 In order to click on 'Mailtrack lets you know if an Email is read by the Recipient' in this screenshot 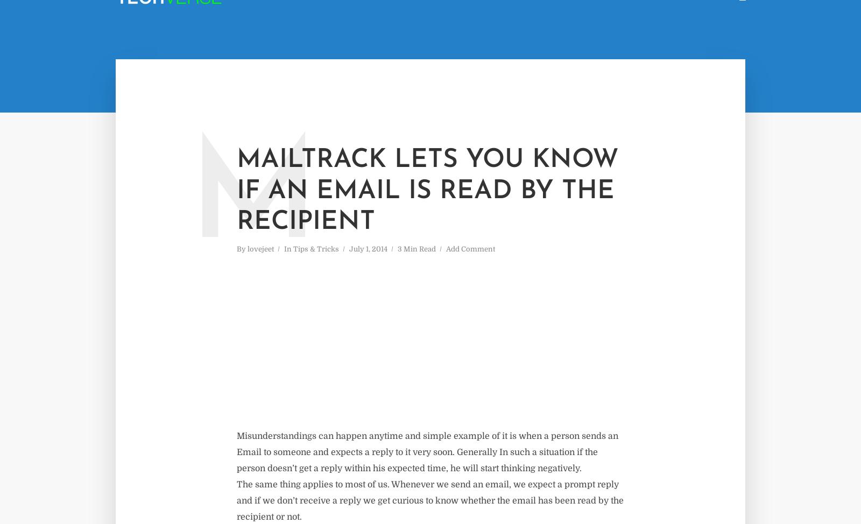, I will do `click(428, 191)`.